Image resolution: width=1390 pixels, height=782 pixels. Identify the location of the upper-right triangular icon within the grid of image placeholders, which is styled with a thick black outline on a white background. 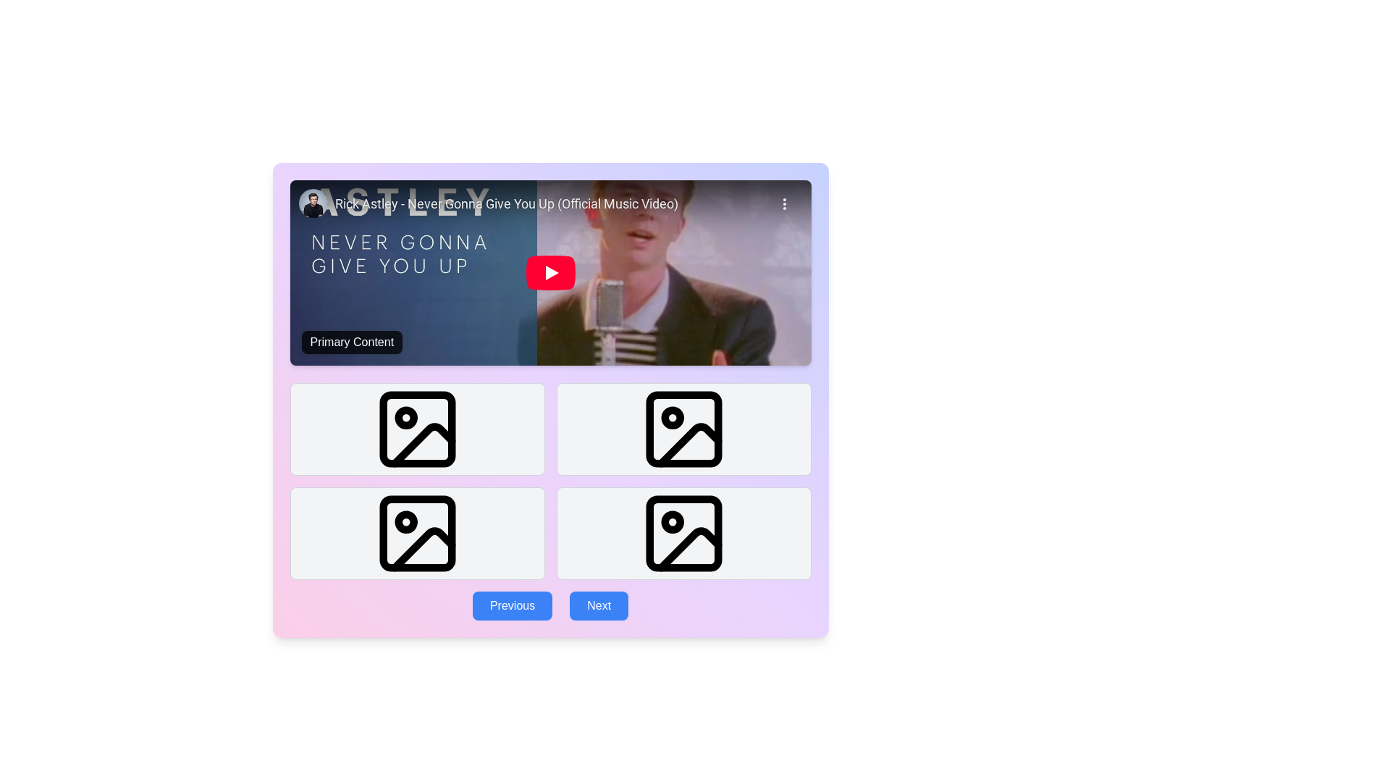
(688, 444).